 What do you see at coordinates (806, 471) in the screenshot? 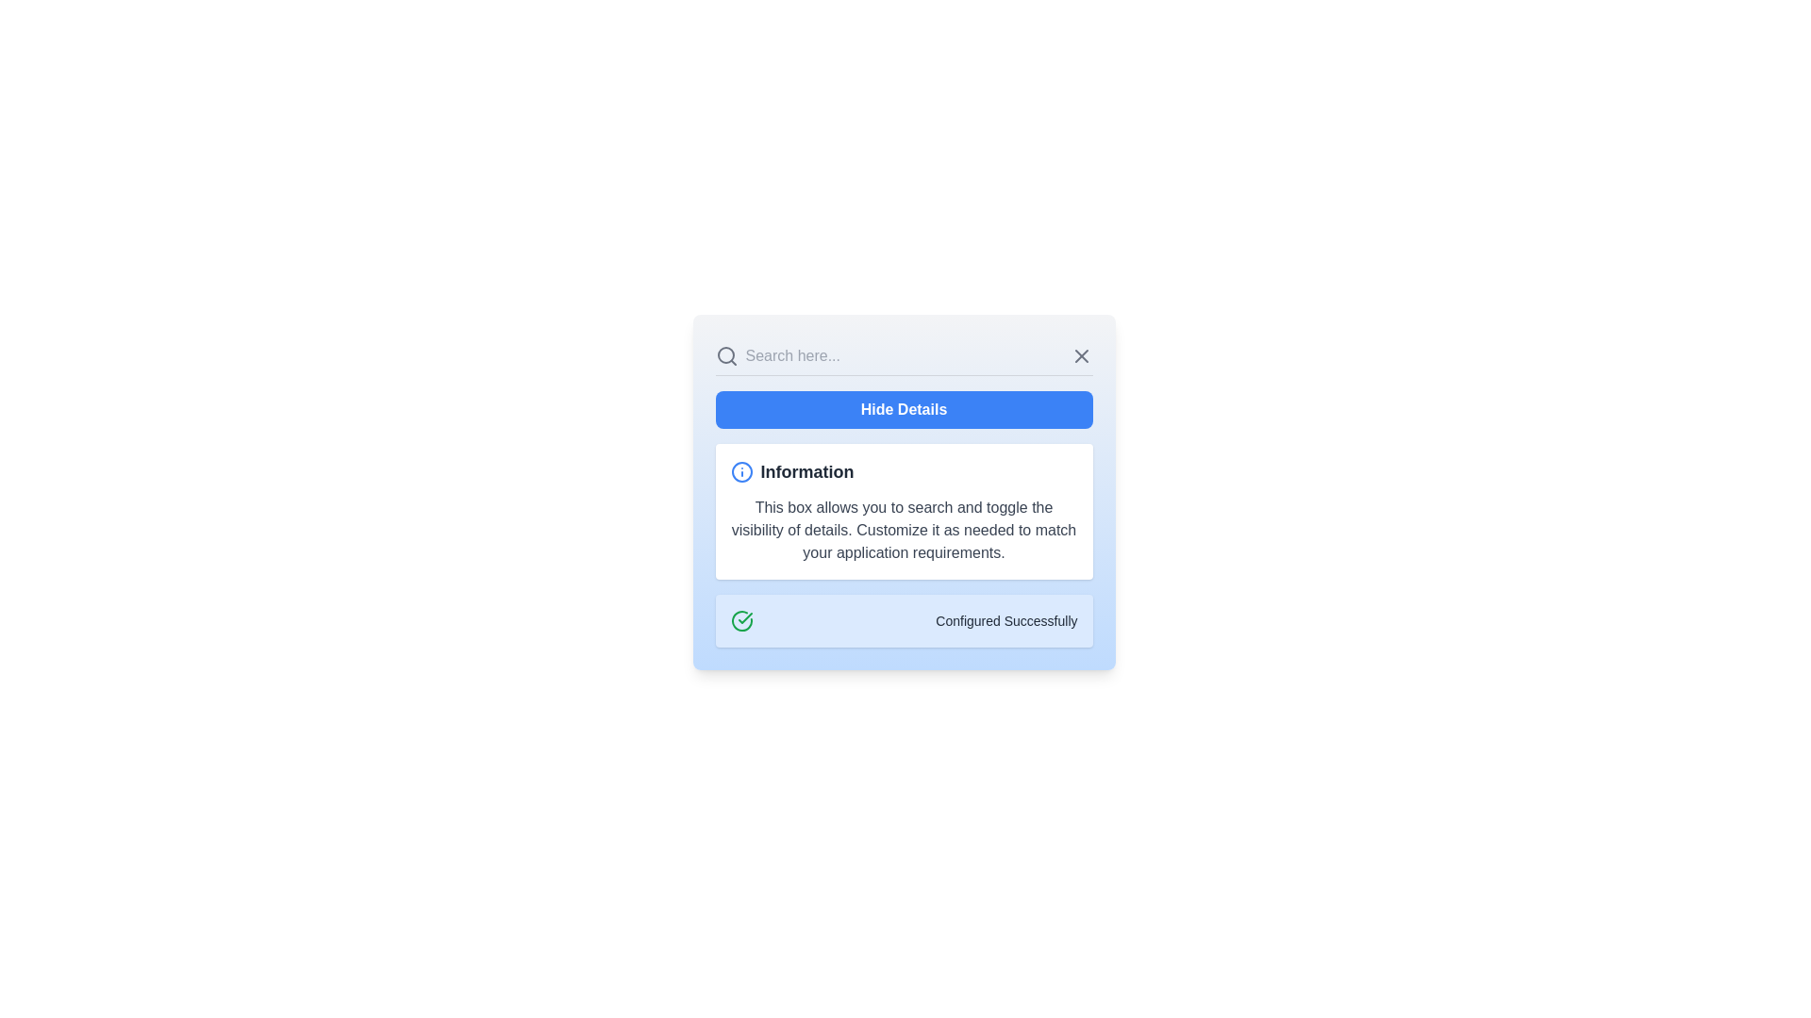
I see `the text label displaying 'Information', which is styled in bold dark gray and is positioned to the right of a blue circular 'info' icon` at bounding box center [806, 471].